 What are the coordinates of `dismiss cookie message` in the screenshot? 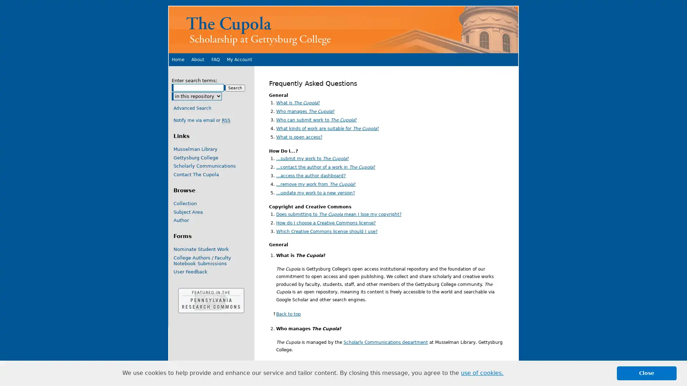 It's located at (647, 373).